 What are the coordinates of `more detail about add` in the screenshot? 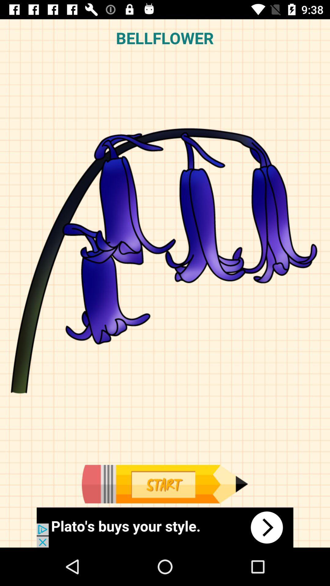 It's located at (165, 527).